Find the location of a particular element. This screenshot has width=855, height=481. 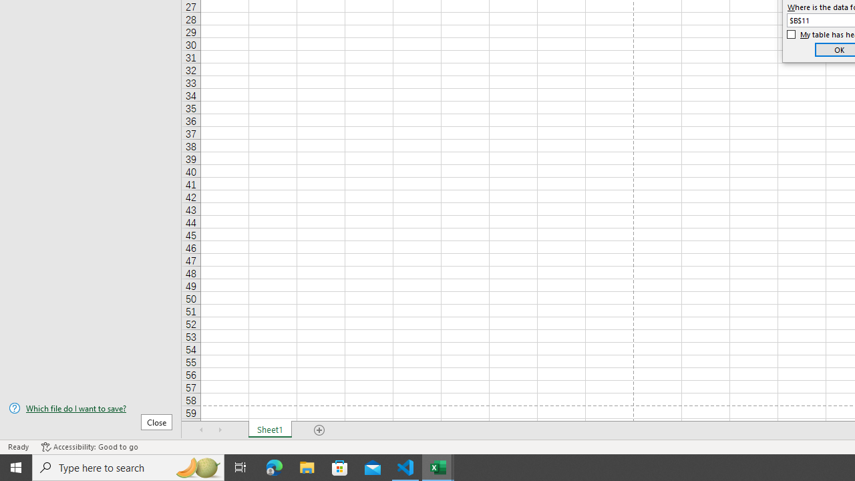

'Which file do I want to save?' is located at coordinates (90, 408).